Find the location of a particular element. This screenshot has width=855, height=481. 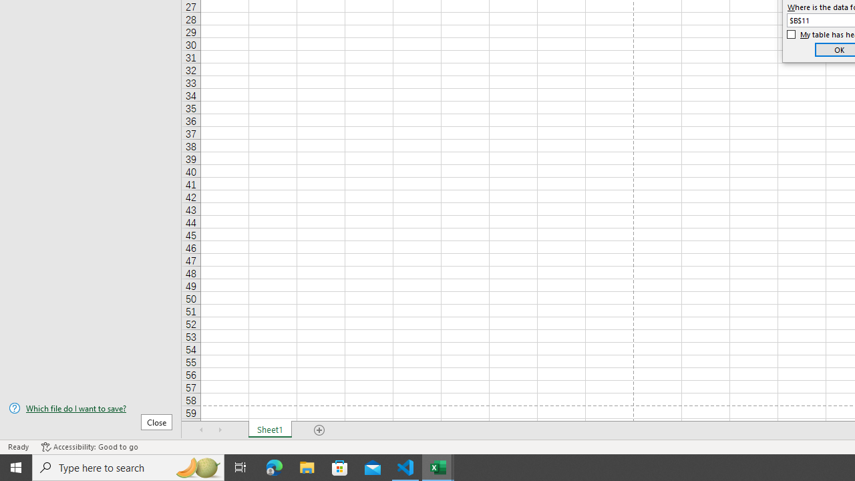

'Which file do I want to save?' is located at coordinates (90, 408).